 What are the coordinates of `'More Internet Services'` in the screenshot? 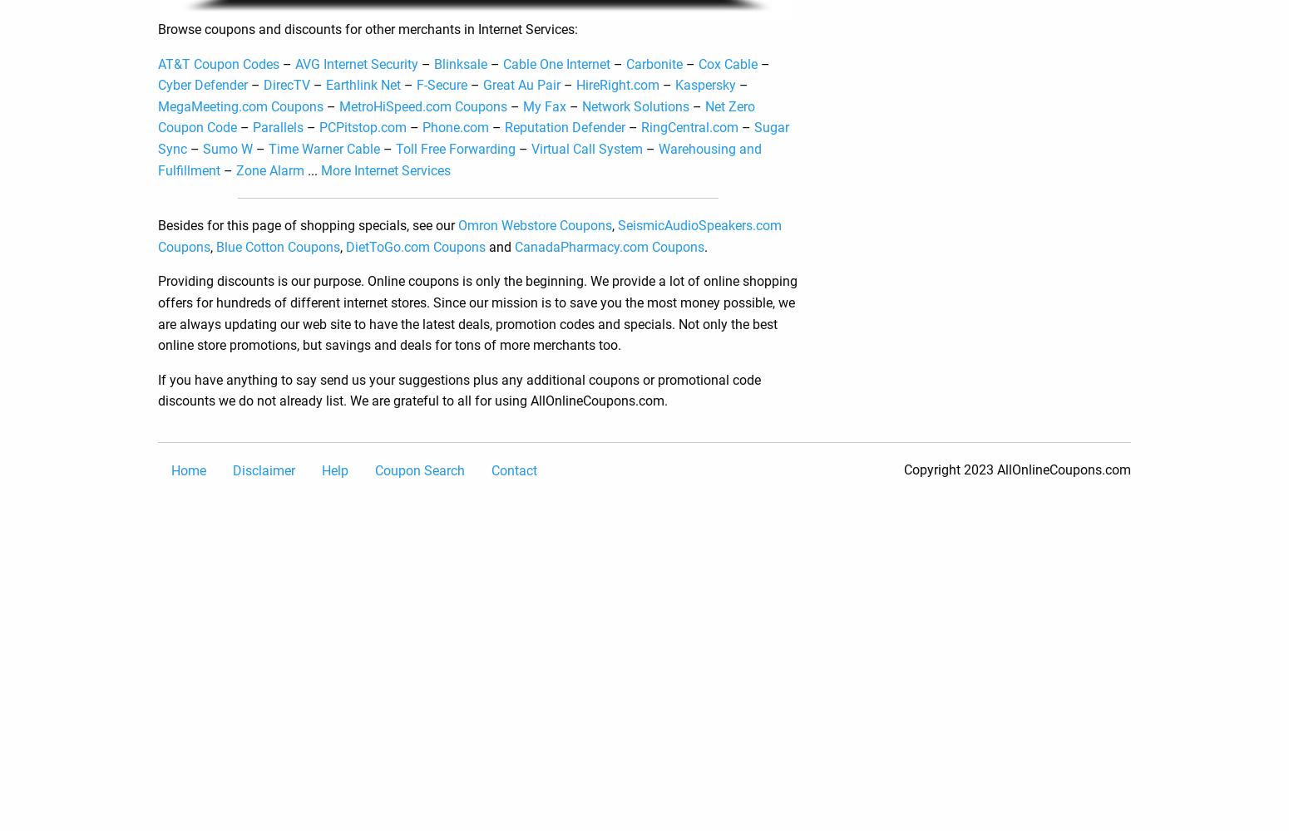 It's located at (386, 169).